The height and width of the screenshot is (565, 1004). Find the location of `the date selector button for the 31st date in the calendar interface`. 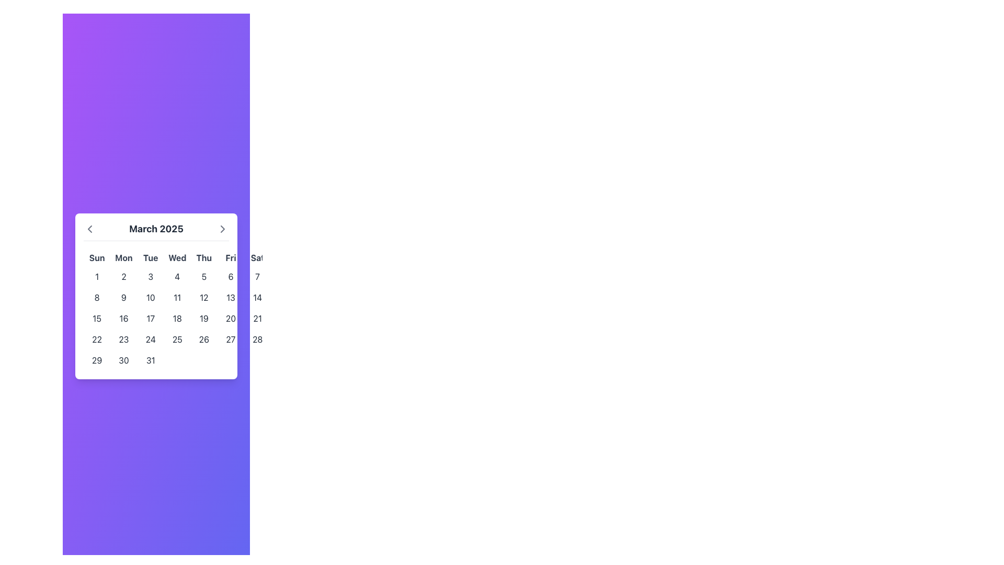

the date selector button for the 31st date in the calendar interface is located at coordinates (150, 359).